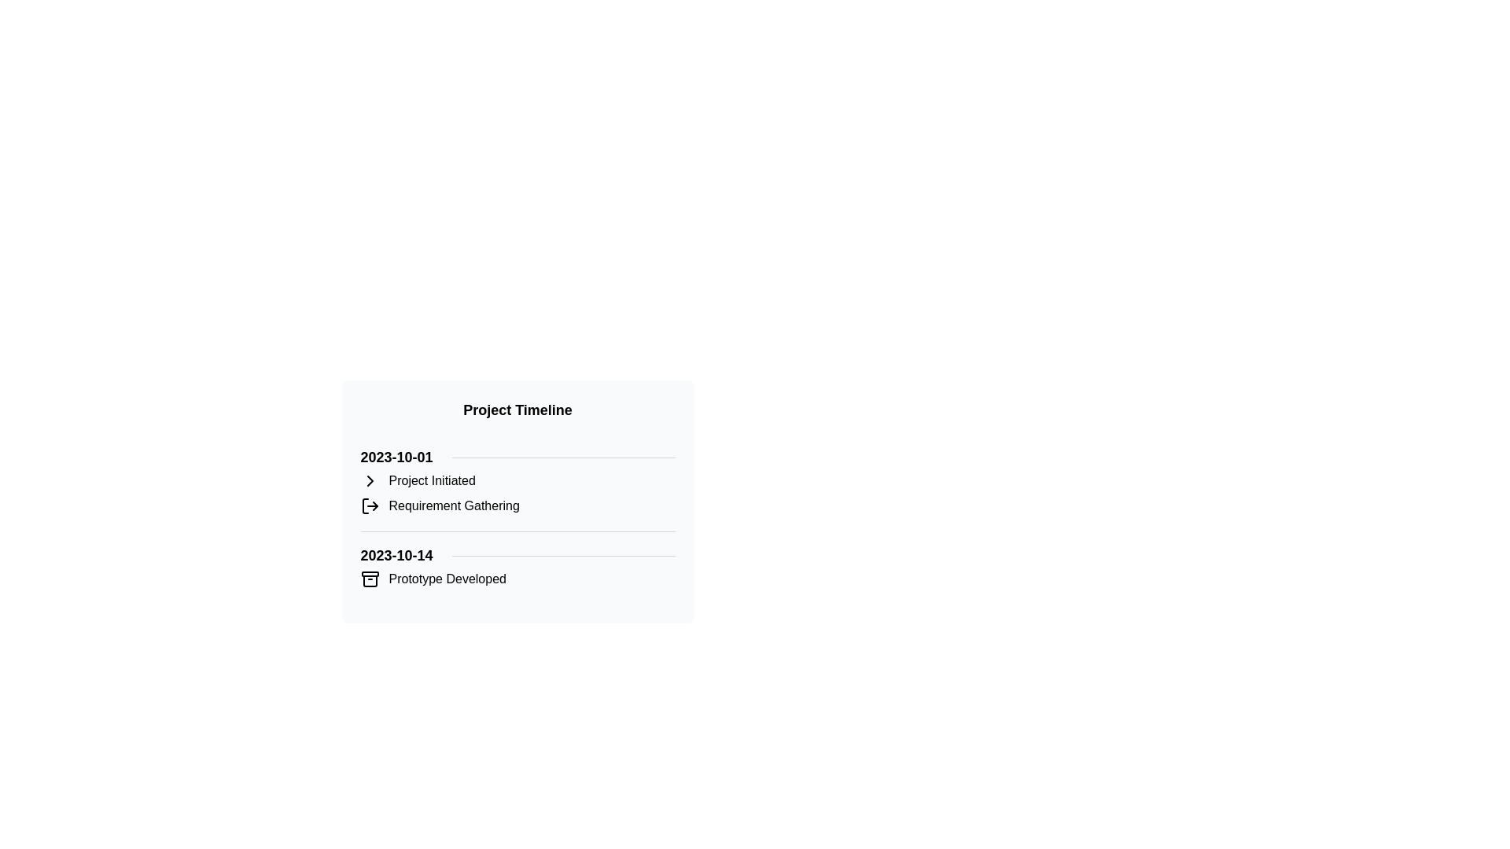 This screenshot has width=1510, height=849. What do you see at coordinates (369, 574) in the screenshot?
I see `the decorative visual component representing the top section of the archive box icon located within the timeline entry dated '2023-10-14'` at bounding box center [369, 574].